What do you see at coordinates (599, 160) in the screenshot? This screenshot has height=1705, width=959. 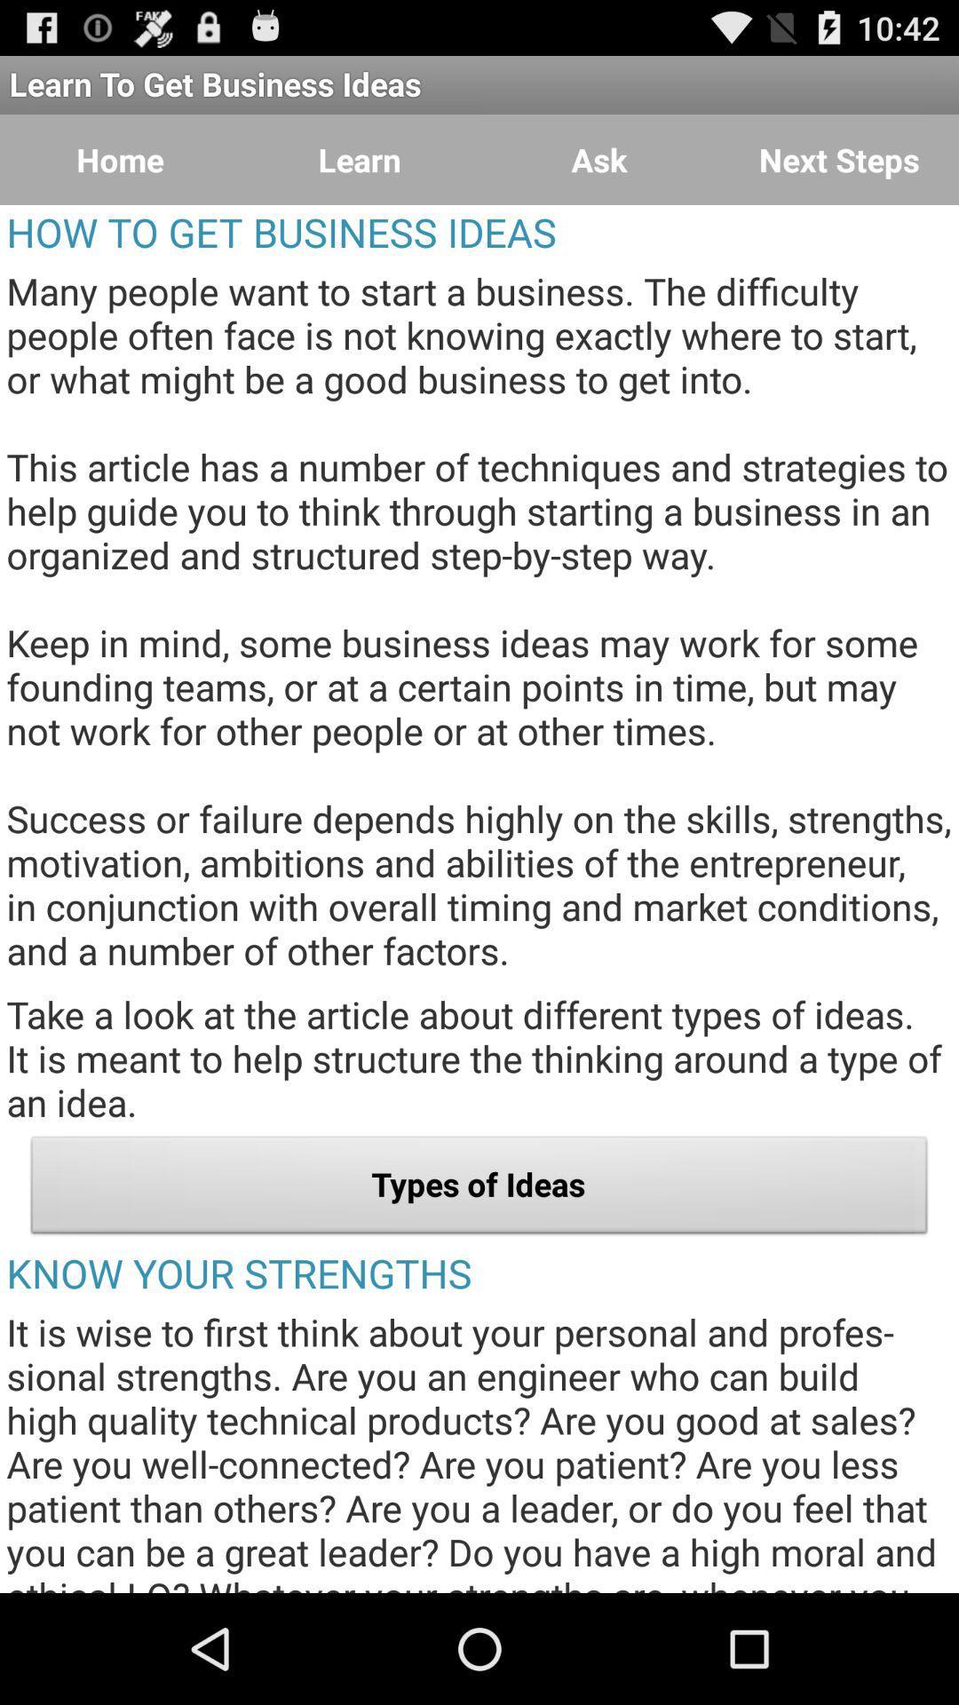 I see `item next to the next steps button` at bounding box center [599, 160].